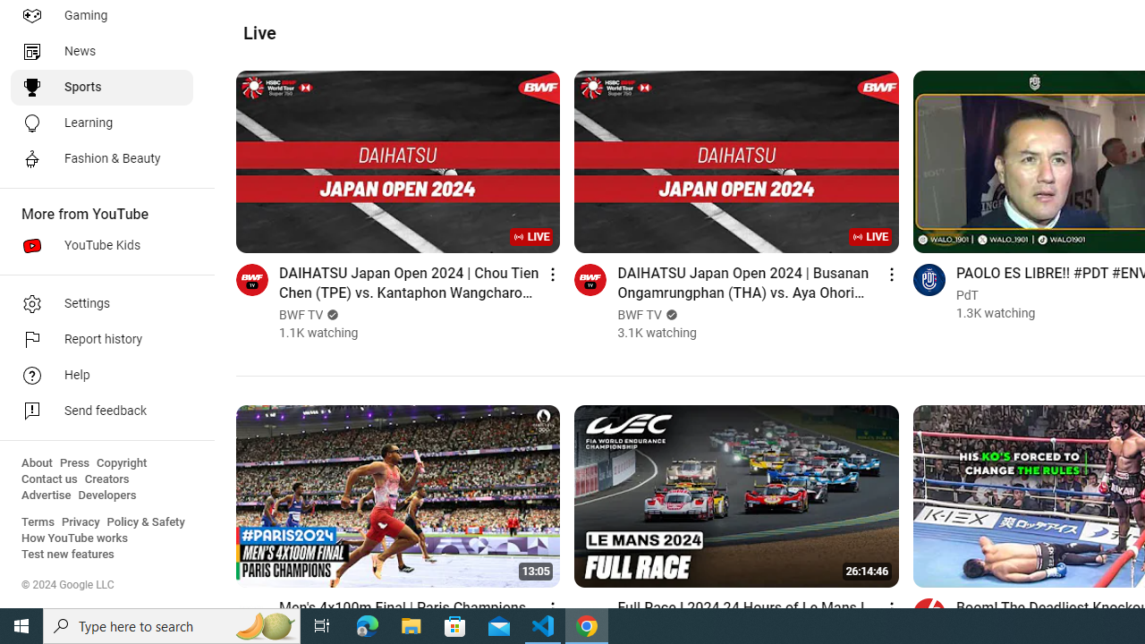 The image size is (1145, 644). Describe the element at coordinates (121, 462) in the screenshot. I see `'Copyright'` at that location.